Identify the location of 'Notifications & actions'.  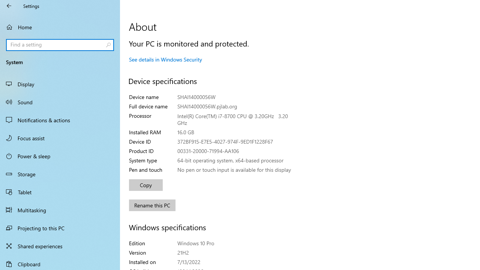
(60, 120).